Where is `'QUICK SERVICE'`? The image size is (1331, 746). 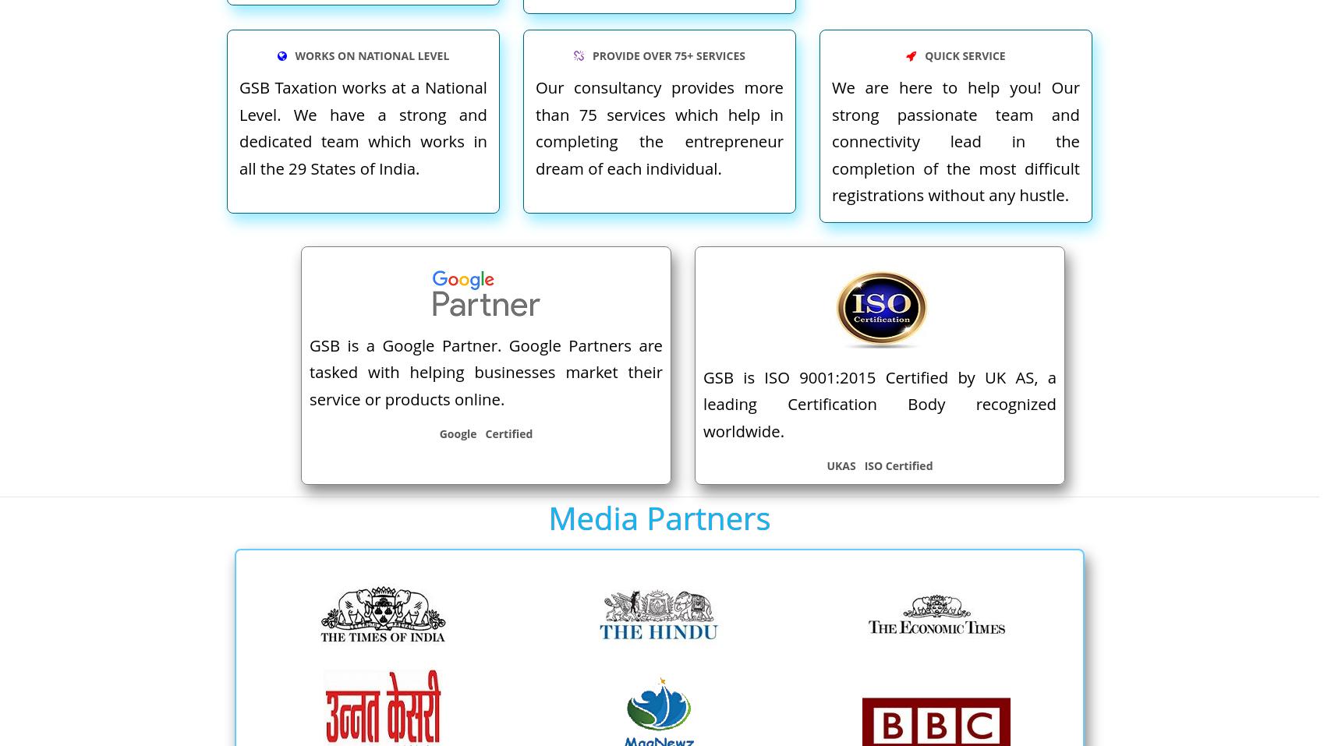 'QUICK SERVICE' is located at coordinates (959, 55).